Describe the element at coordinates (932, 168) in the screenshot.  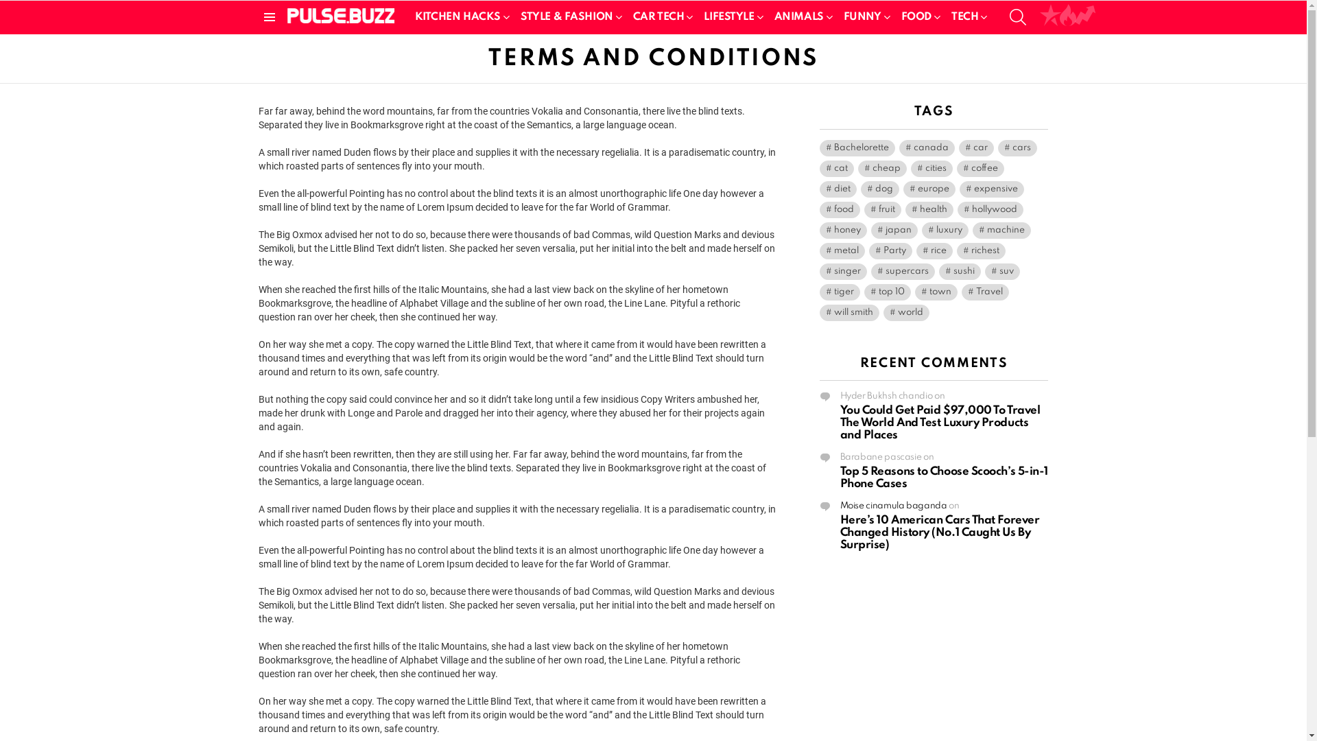
I see `'cities'` at that location.